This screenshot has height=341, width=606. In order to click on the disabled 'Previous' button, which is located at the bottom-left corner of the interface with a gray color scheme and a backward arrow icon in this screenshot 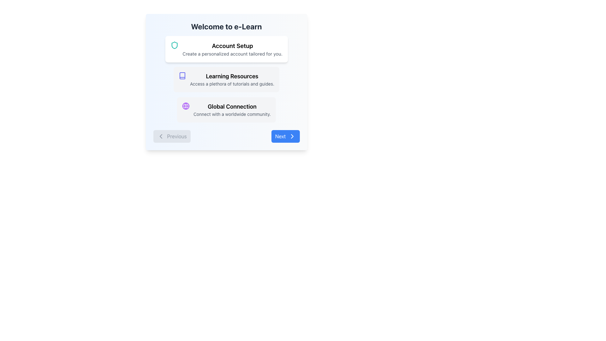, I will do `click(172, 136)`.